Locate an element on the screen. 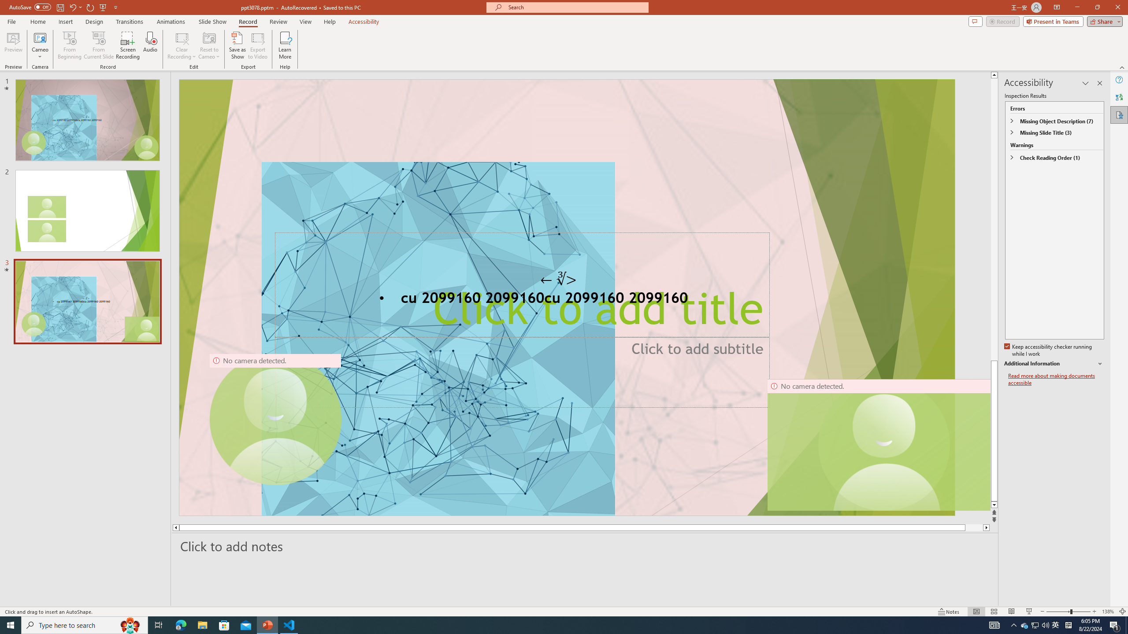 This screenshot has width=1128, height=634. 'From Beginning...' is located at coordinates (69, 45).